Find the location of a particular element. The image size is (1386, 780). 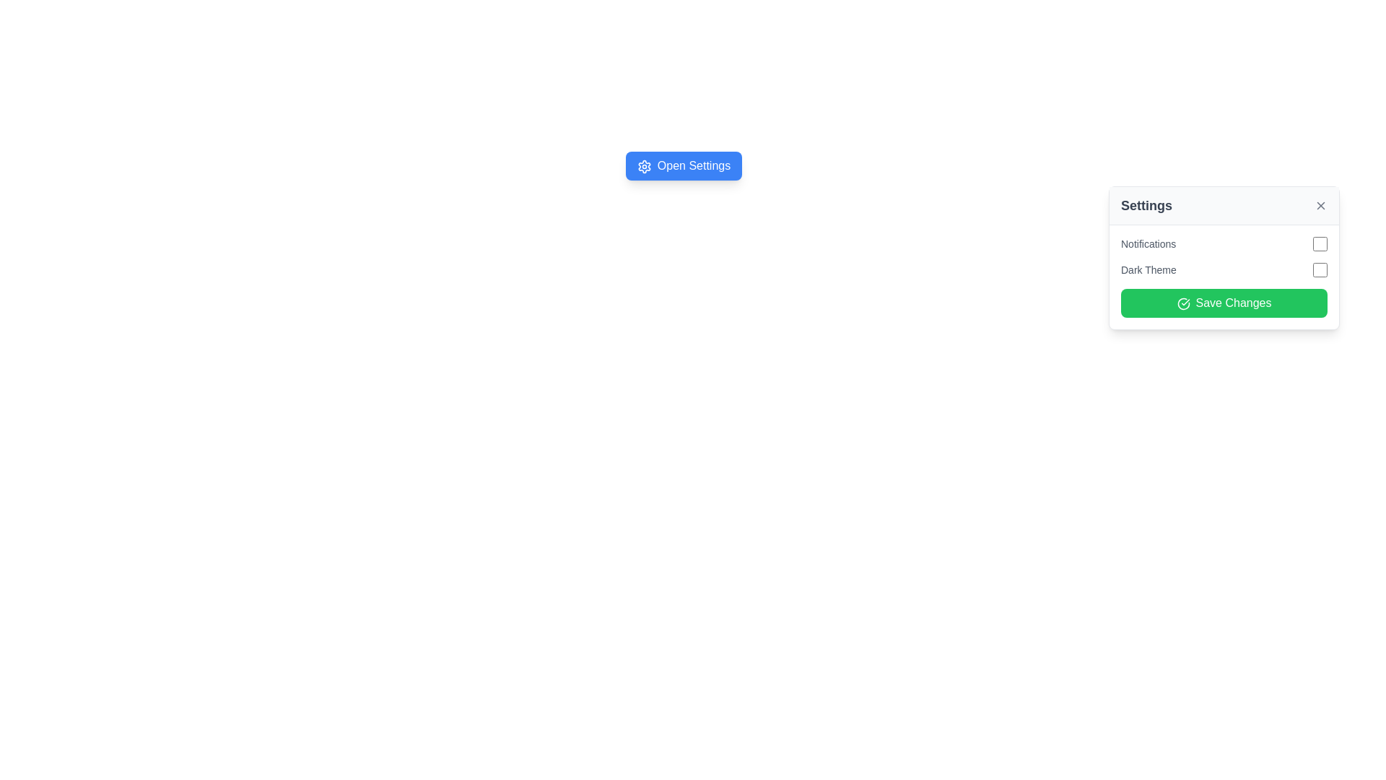

the Group of form controls within the settings section is located at coordinates (1223, 277).